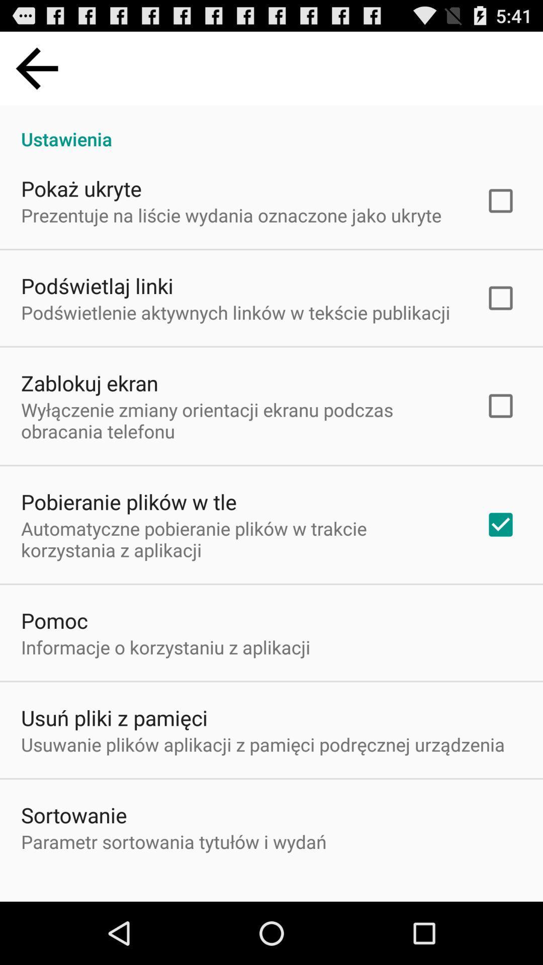 Image resolution: width=543 pixels, height=965 pixels. Describe the element at coordinates (89, 382) in the screenshot. I see `the zablokuj ekran item` at that location.